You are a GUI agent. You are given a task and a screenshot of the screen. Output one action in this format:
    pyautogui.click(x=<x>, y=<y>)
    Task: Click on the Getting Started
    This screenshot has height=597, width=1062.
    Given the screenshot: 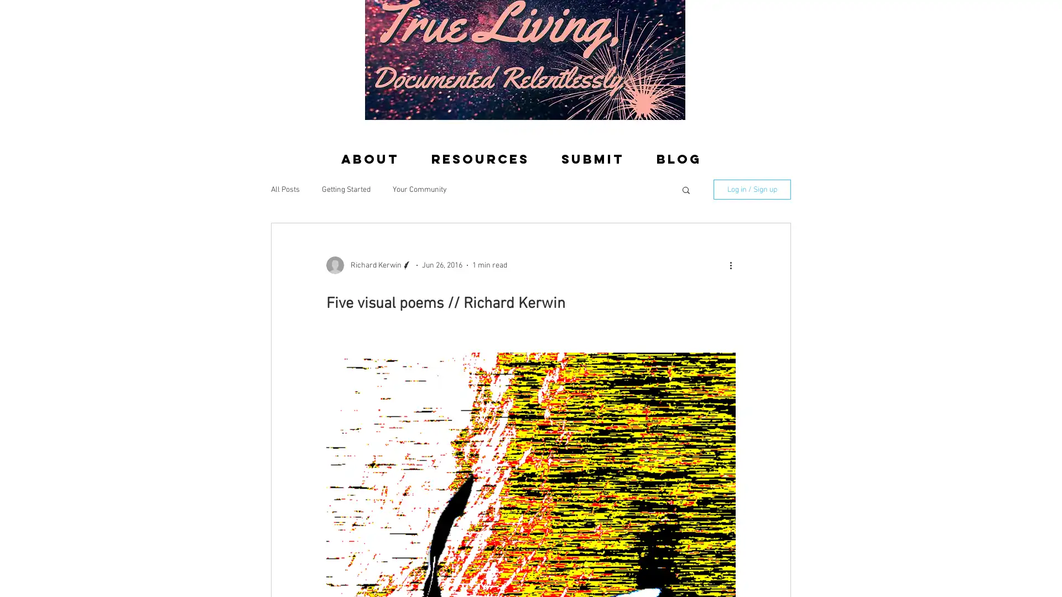 What is the action you would take?
    pyautogui.click(x=345, y=188)
    